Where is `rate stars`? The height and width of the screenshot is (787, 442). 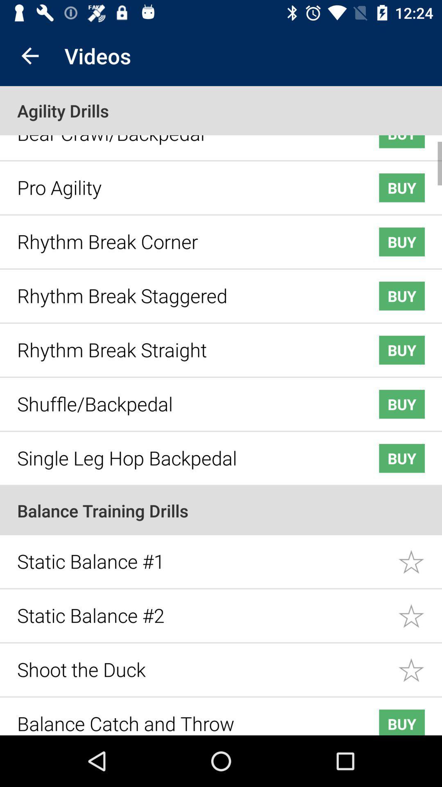
rate stars is located at coordinates (420, 556).